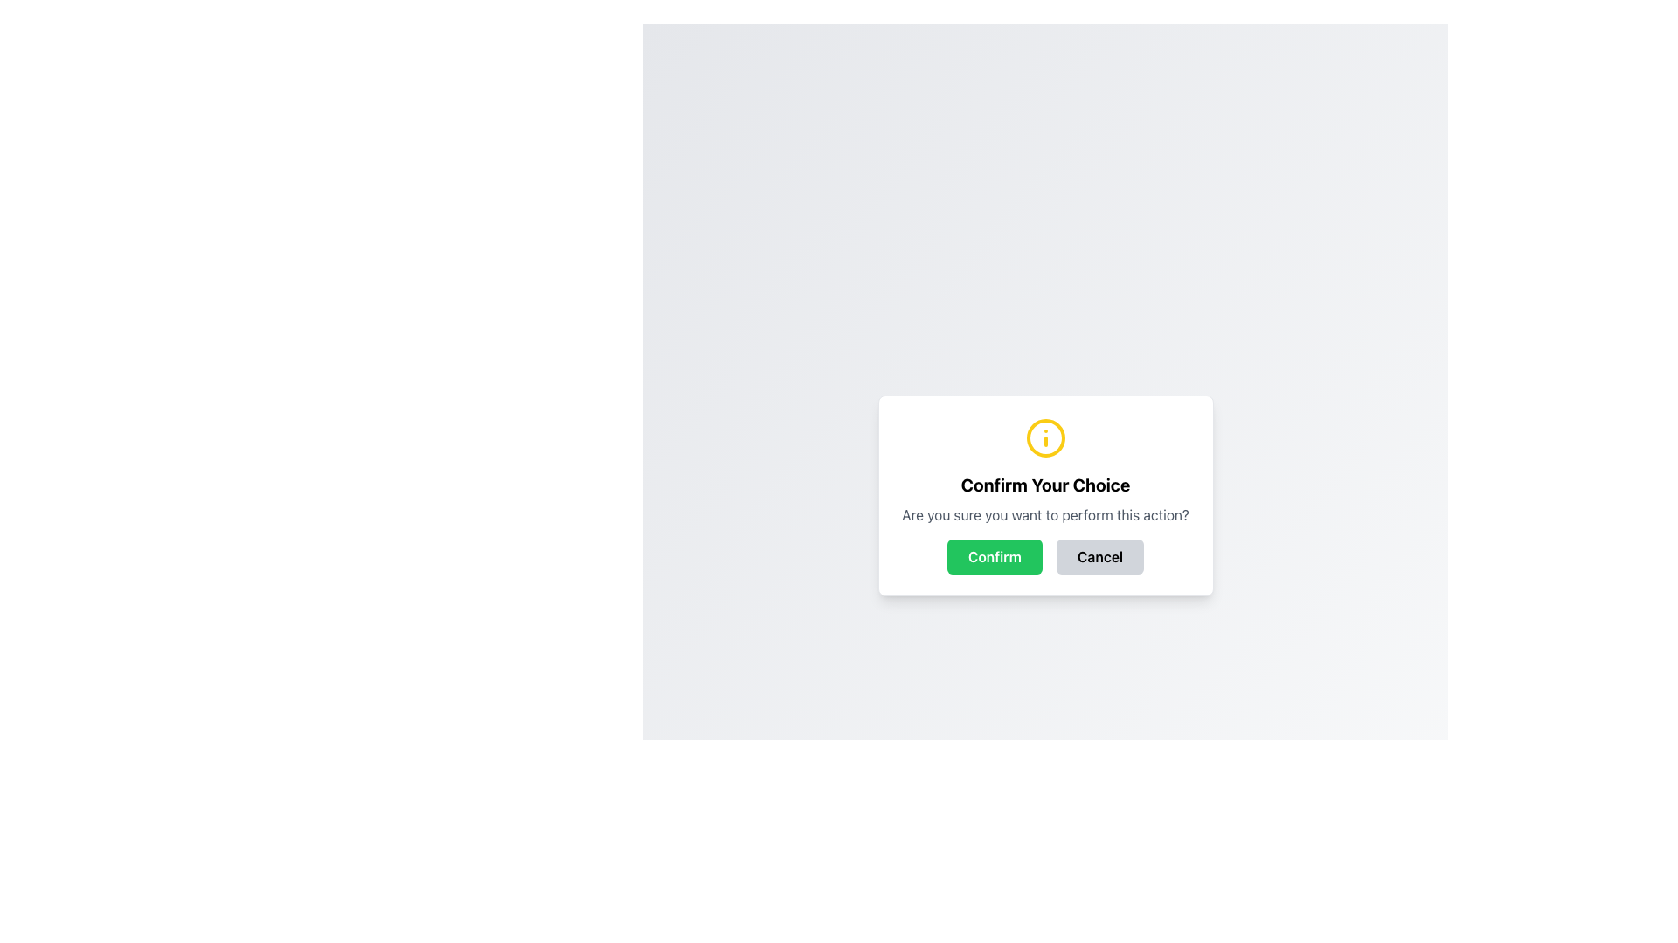 Image resolution: width=1678 pixels, height=943 pixels. What do you see at coordinates (1045, 556) in the screenshot?
I see `the Button group located at the bottom of the centered modal dialog to receive visual feedback for the 'Confirm' and 'Cancel' buttons` at bounding box center [1045, 556].